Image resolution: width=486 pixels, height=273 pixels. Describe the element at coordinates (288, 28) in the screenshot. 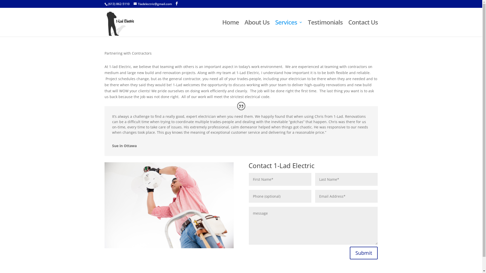

I see `'Services'` at that location.